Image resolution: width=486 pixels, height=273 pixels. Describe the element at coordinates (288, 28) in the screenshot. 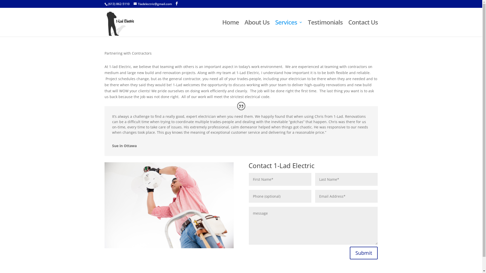

I see `'Services'` at that location.